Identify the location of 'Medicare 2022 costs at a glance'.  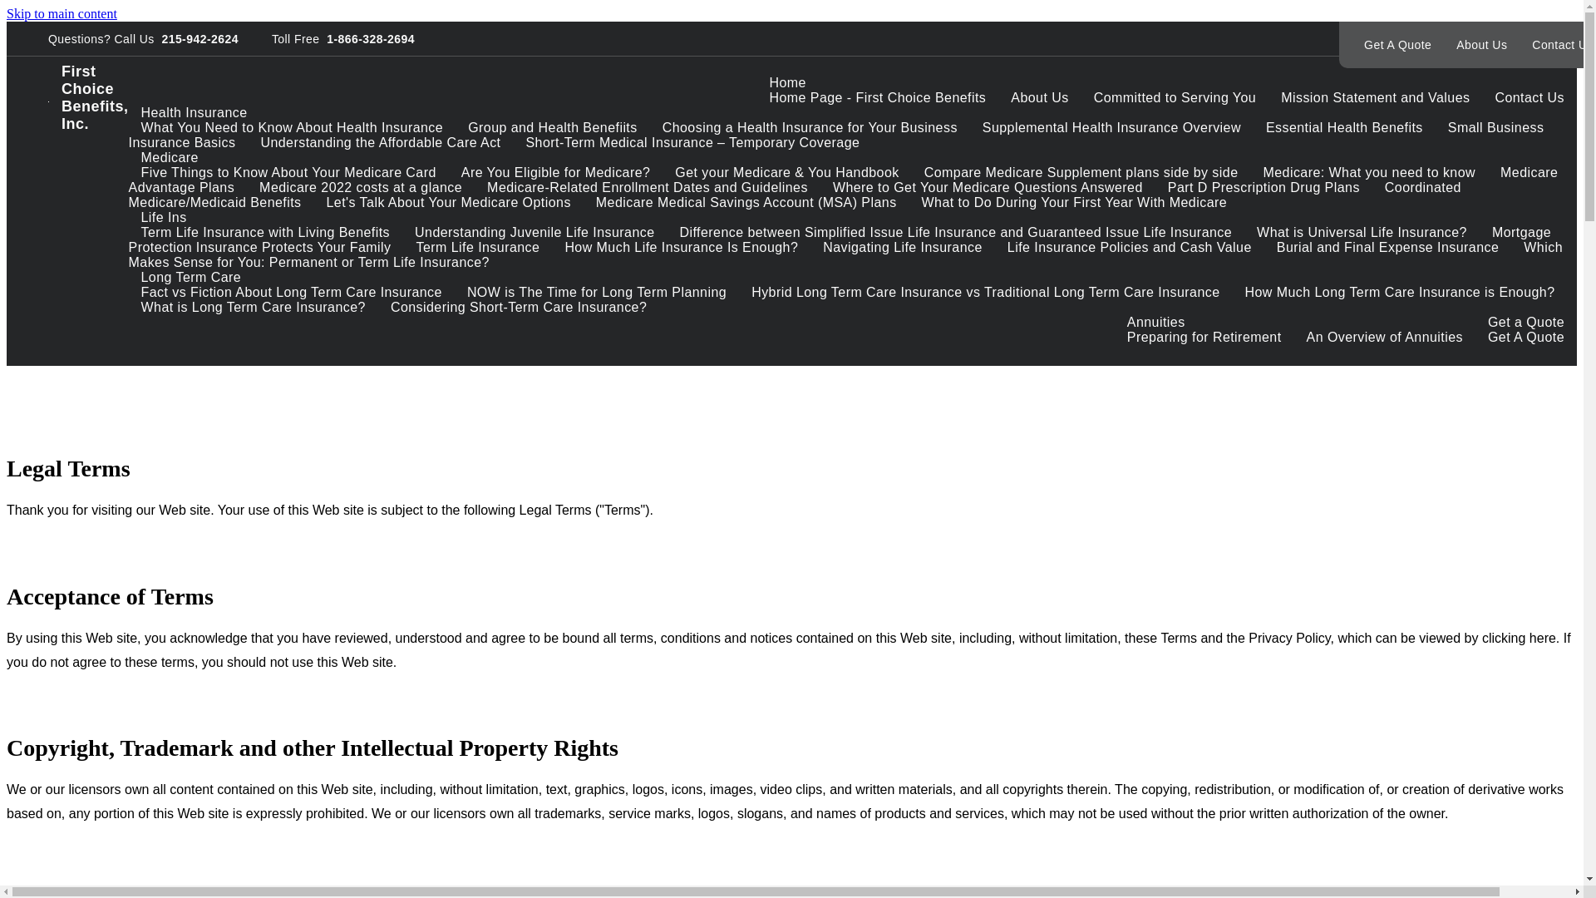
(246, 187).